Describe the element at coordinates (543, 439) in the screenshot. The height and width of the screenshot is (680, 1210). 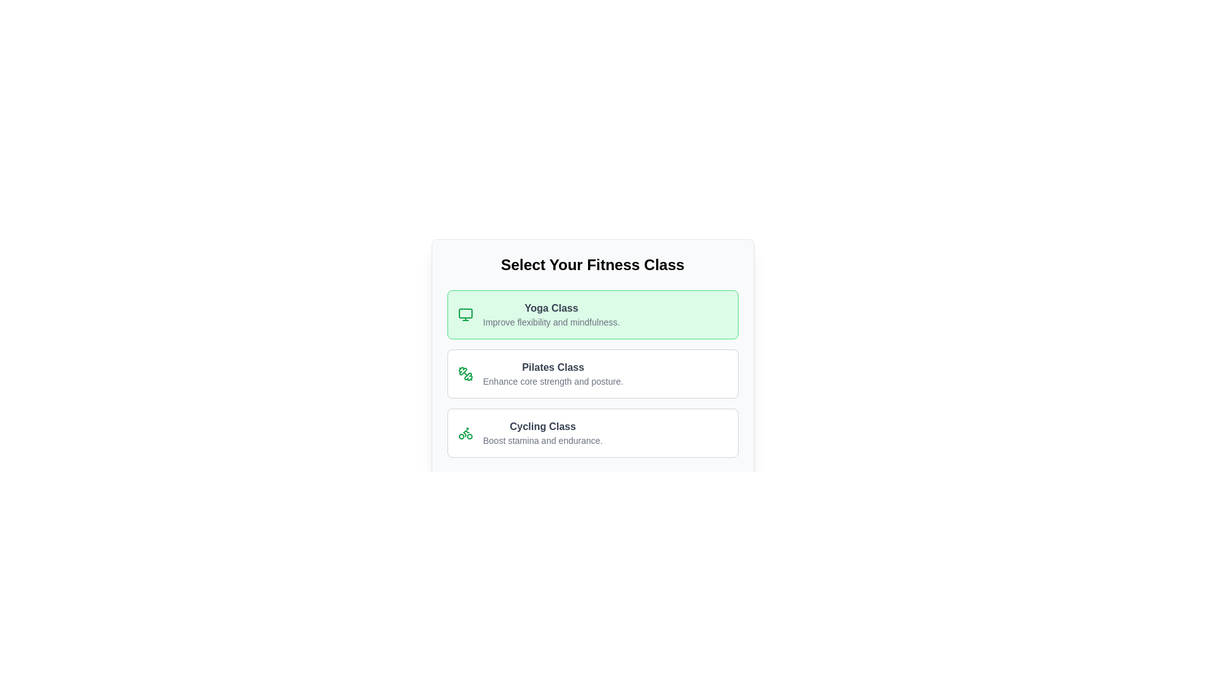
I see `the descriptive text label for the 'Cycling Class' located beneath the section's title in the lower portion of the section` at that location.